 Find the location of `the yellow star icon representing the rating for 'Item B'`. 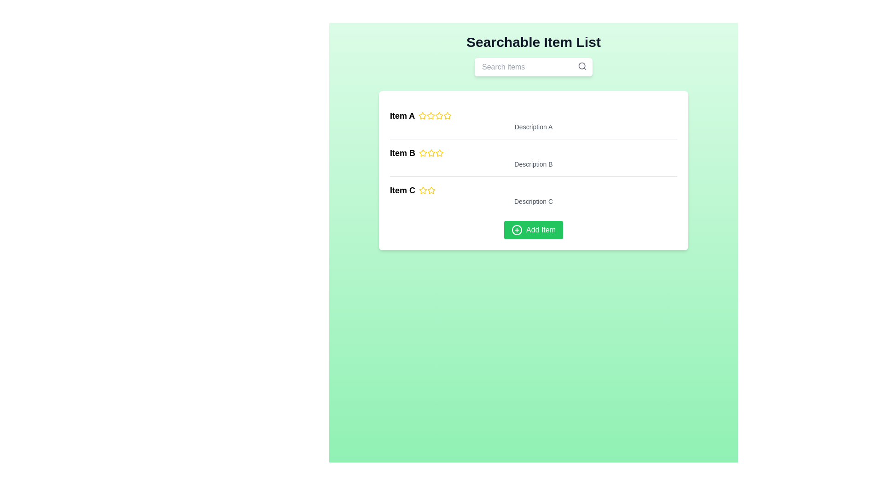

the yellow star icon representing the rating for 'Item B' is located at coordinates (439, 152).